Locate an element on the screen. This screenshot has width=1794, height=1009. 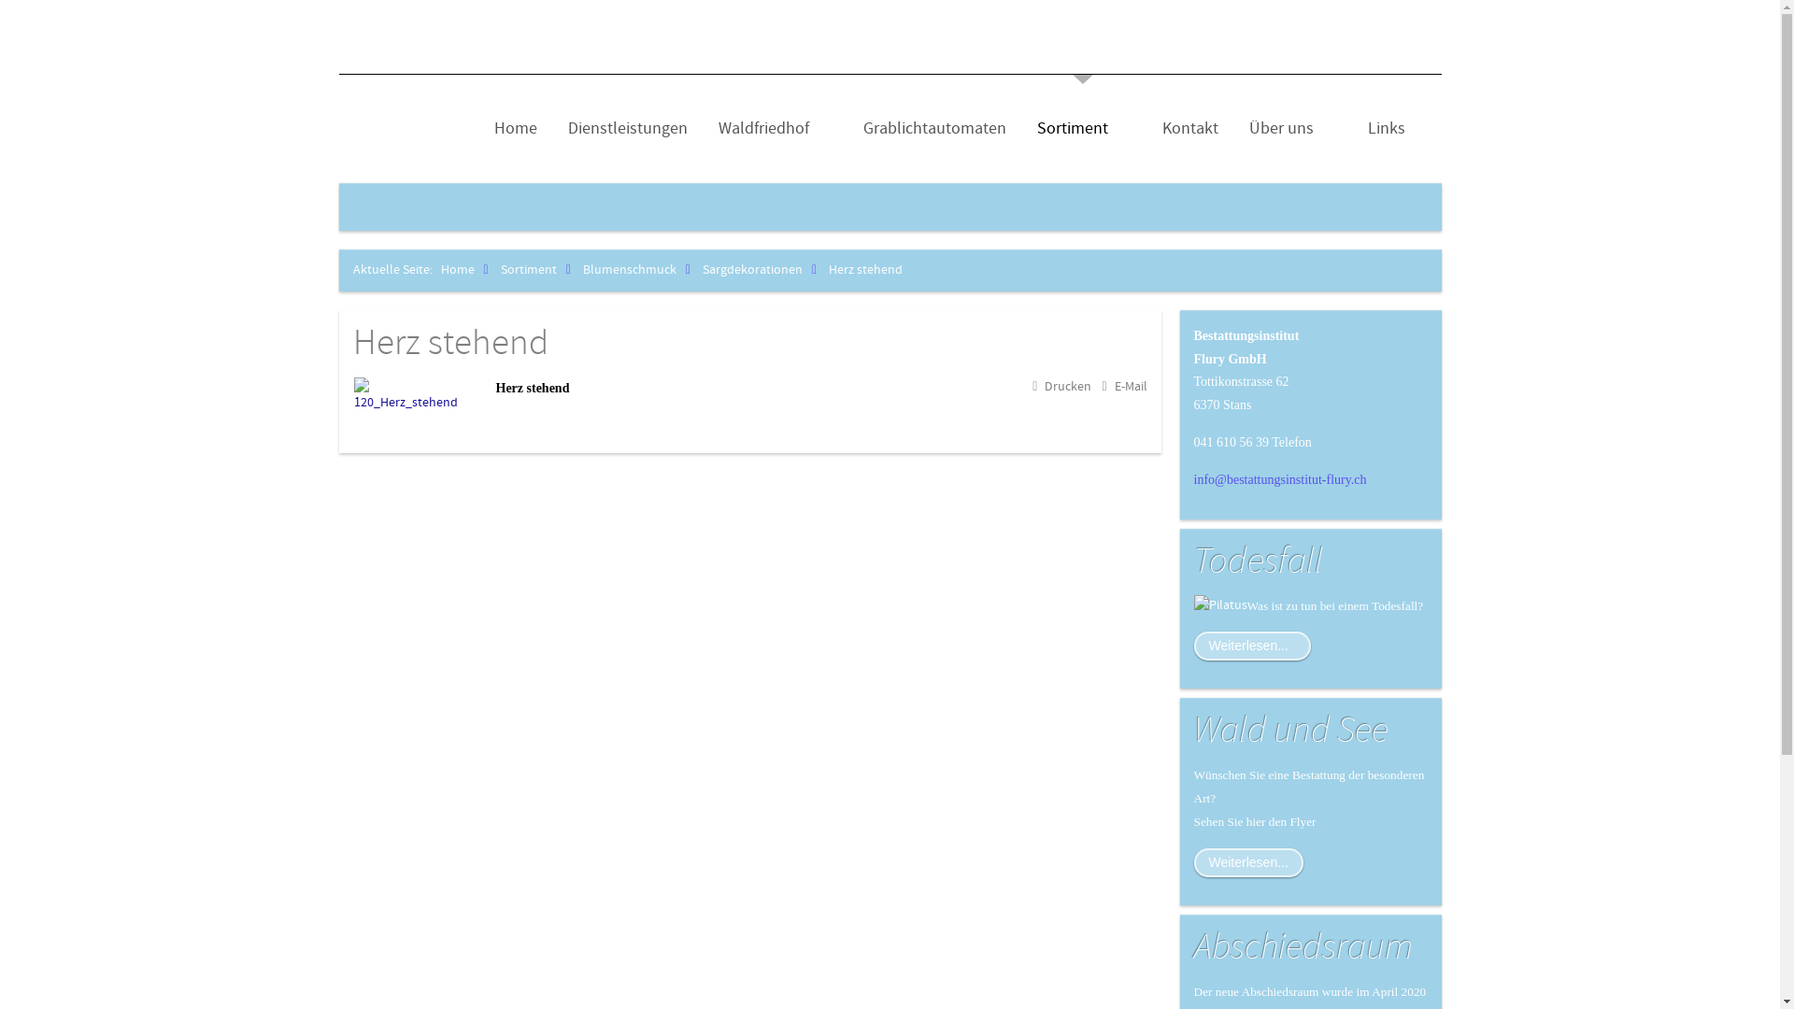
'Sortiment' is located at coordinates (539, 270).